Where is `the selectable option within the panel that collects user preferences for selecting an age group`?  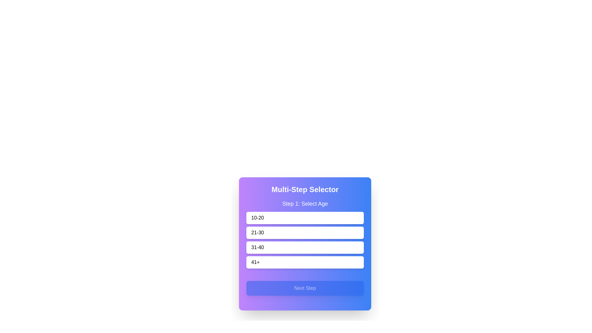 the selectable option within the panel that collects user preferences for selecting an age group is located at coordinates (305, 243).